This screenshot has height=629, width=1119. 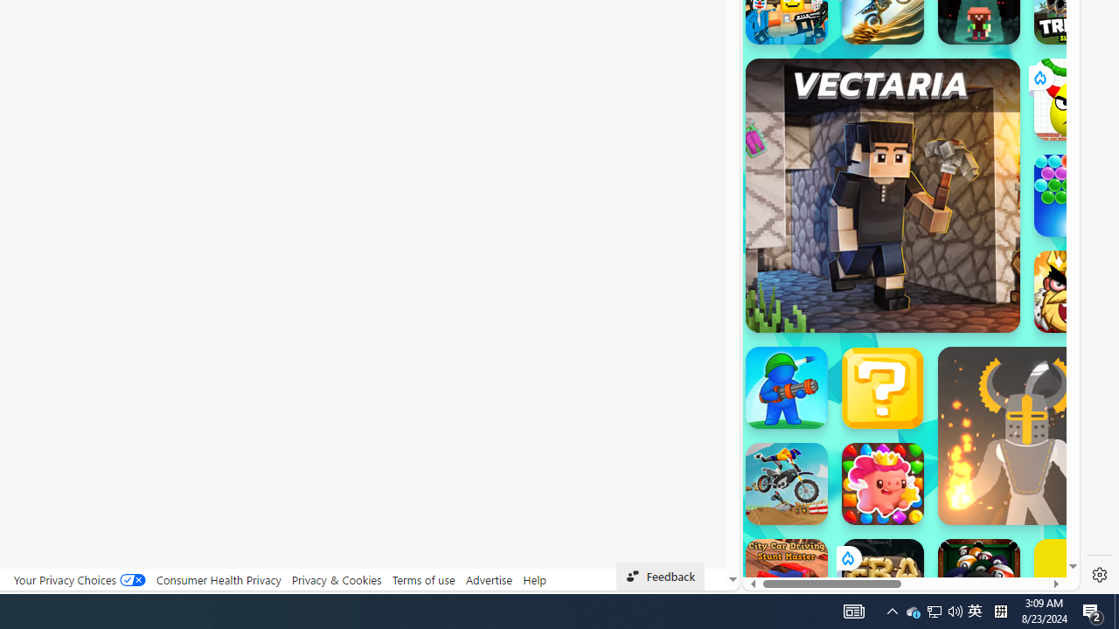 I want to click on 'Ragdoll Hit Ragdoll Hit', so click(x=1027, y=434).